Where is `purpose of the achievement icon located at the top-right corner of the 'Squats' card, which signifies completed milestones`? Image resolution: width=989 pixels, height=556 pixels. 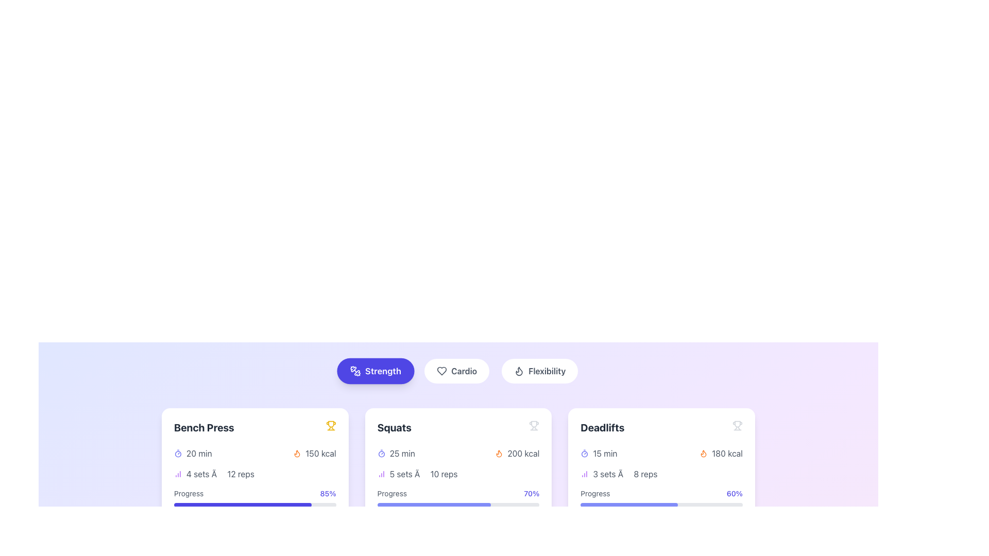 purpose of the achievement icon located at the top-right corner of the 'Squats' card, which signifies completed milestones is located at coordinates (534, 425).